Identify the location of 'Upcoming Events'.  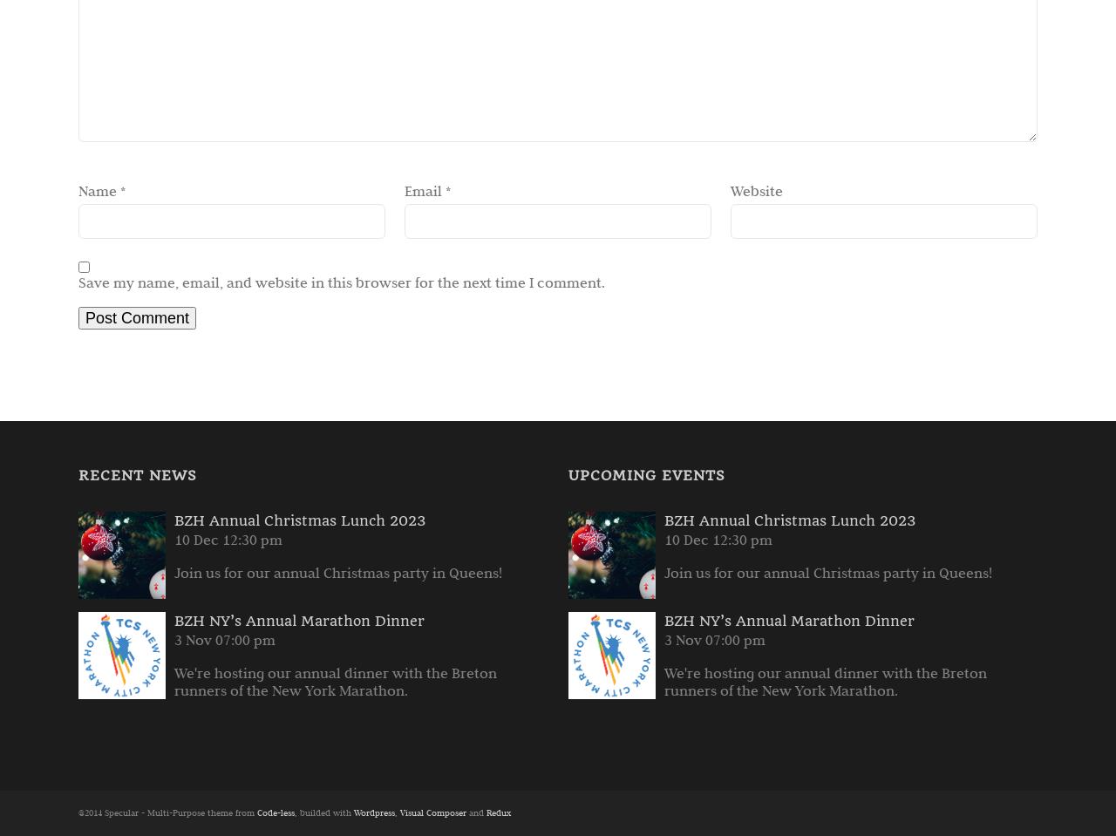
(644, 474).